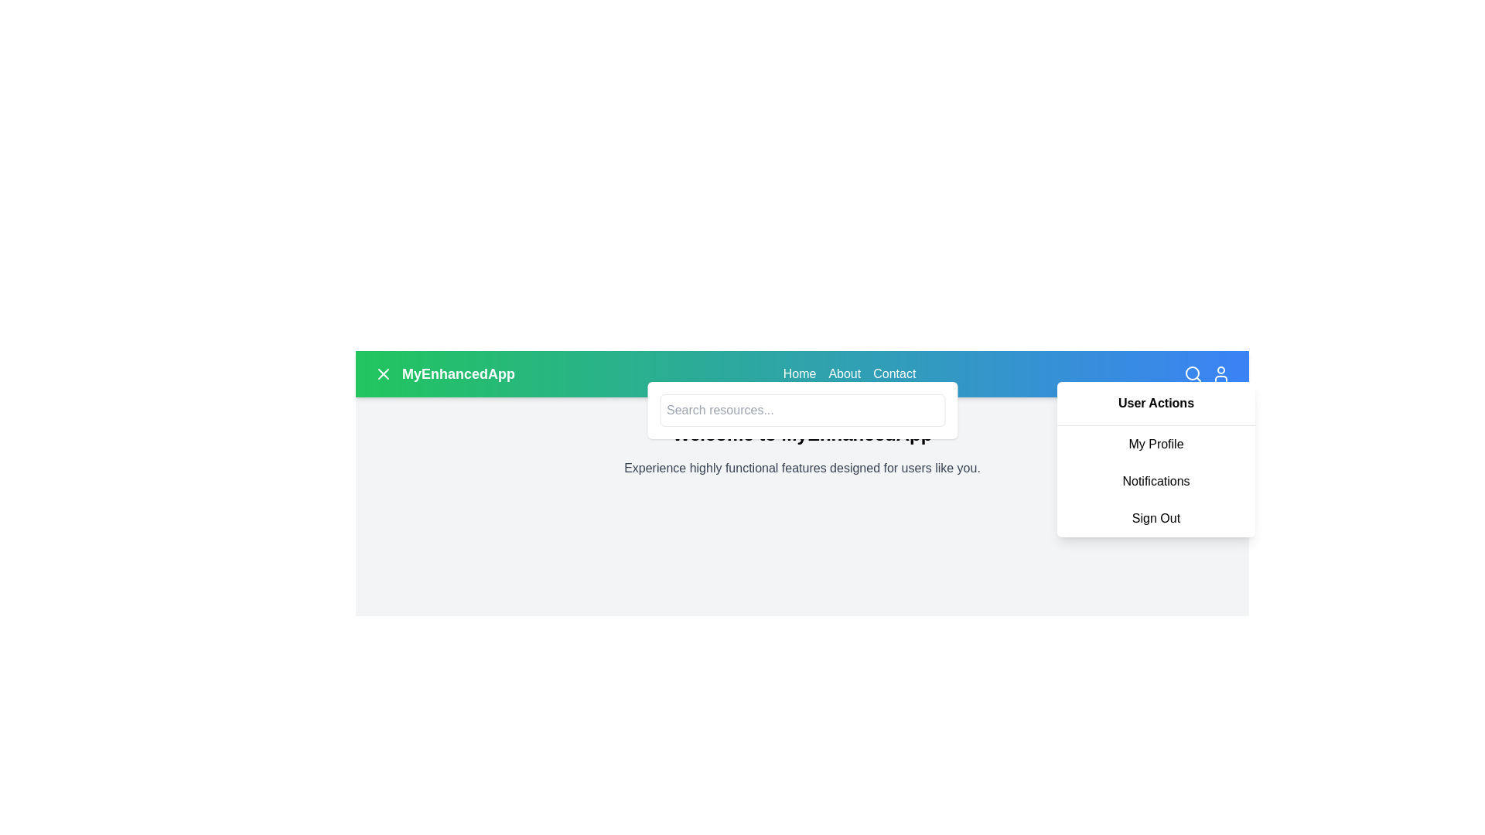 The height and width of the screenshot is (835, 1485). Describe the element at coordinates (458, 373) in the screenshot. I see `the branding text label located in the top-left corner of the header region, adjacent to an icon on its left` at that location.